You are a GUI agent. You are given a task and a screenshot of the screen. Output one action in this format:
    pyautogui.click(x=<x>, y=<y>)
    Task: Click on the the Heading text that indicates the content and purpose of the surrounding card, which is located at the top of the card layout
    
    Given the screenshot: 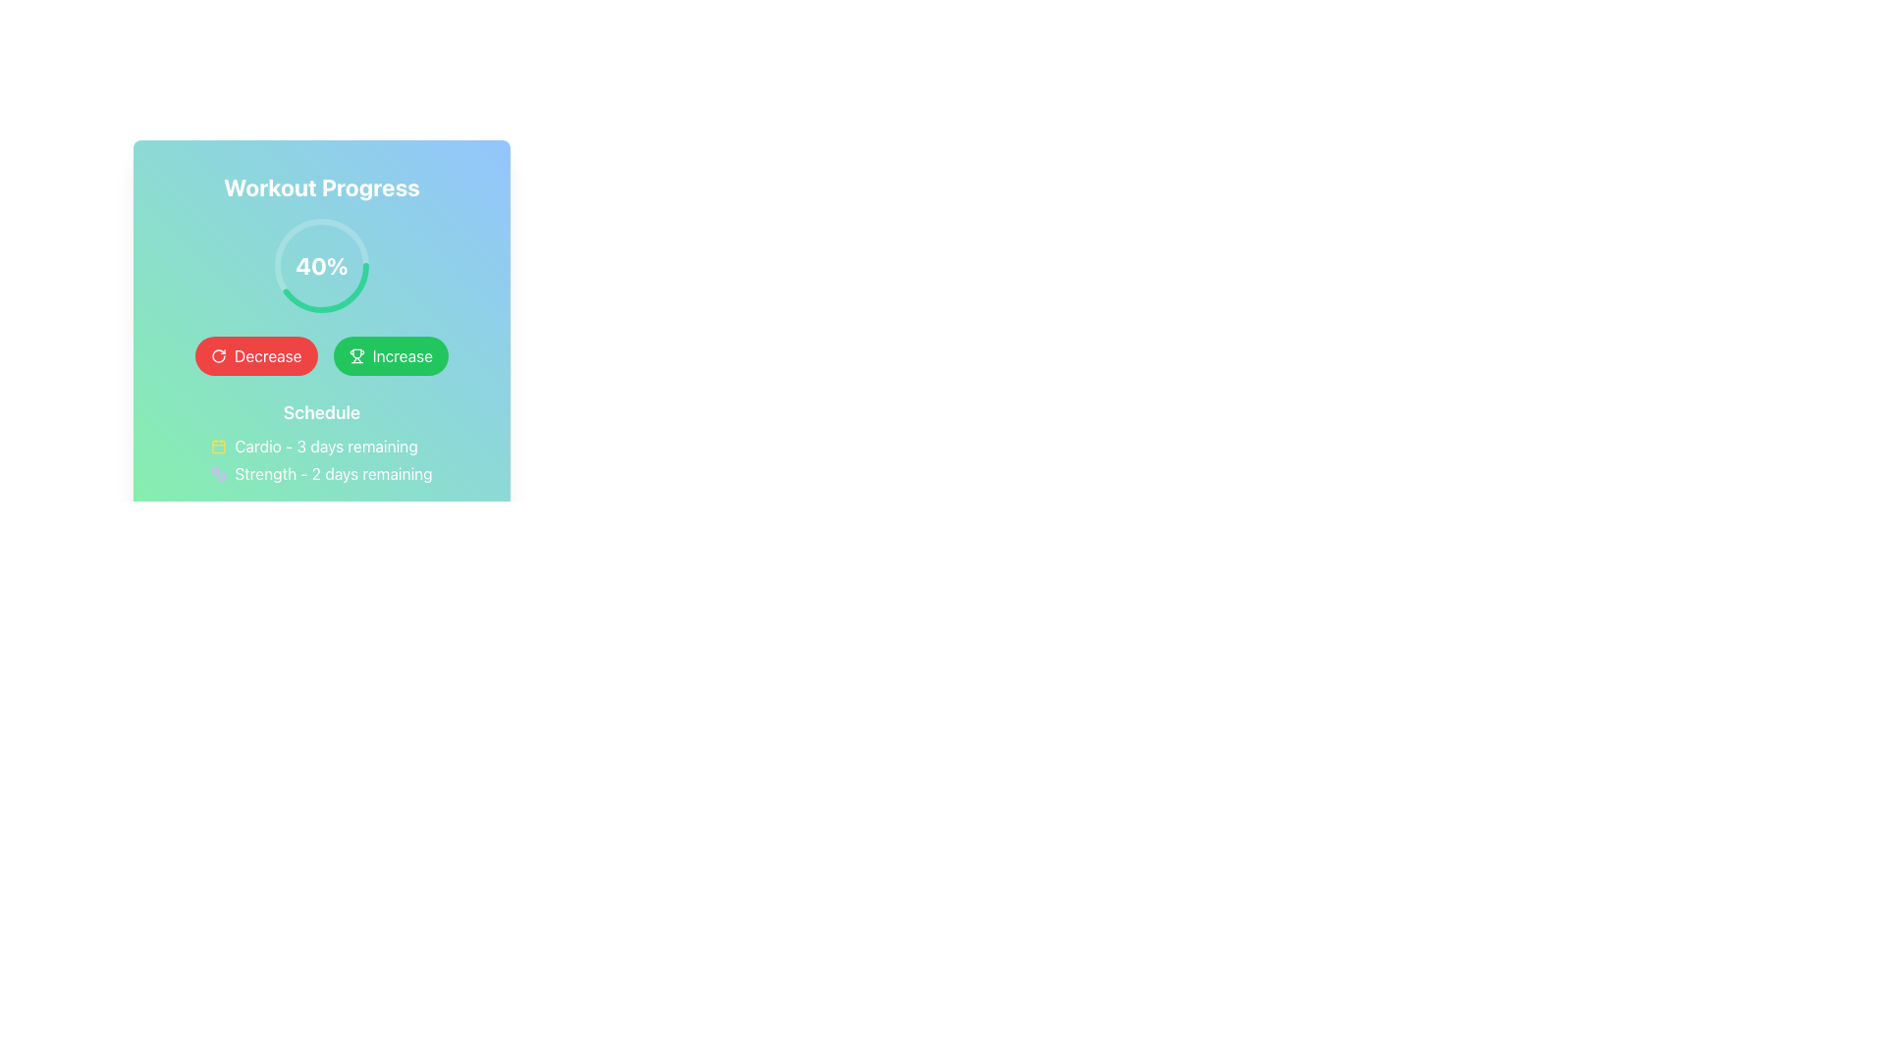 What is the action you would take?
    pyautogui.click(x=321, y=187)
    